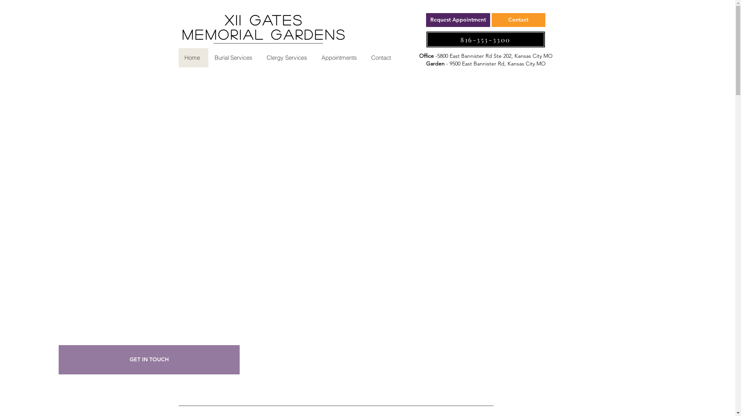  I want to click on 'Home', so click(193, 57).